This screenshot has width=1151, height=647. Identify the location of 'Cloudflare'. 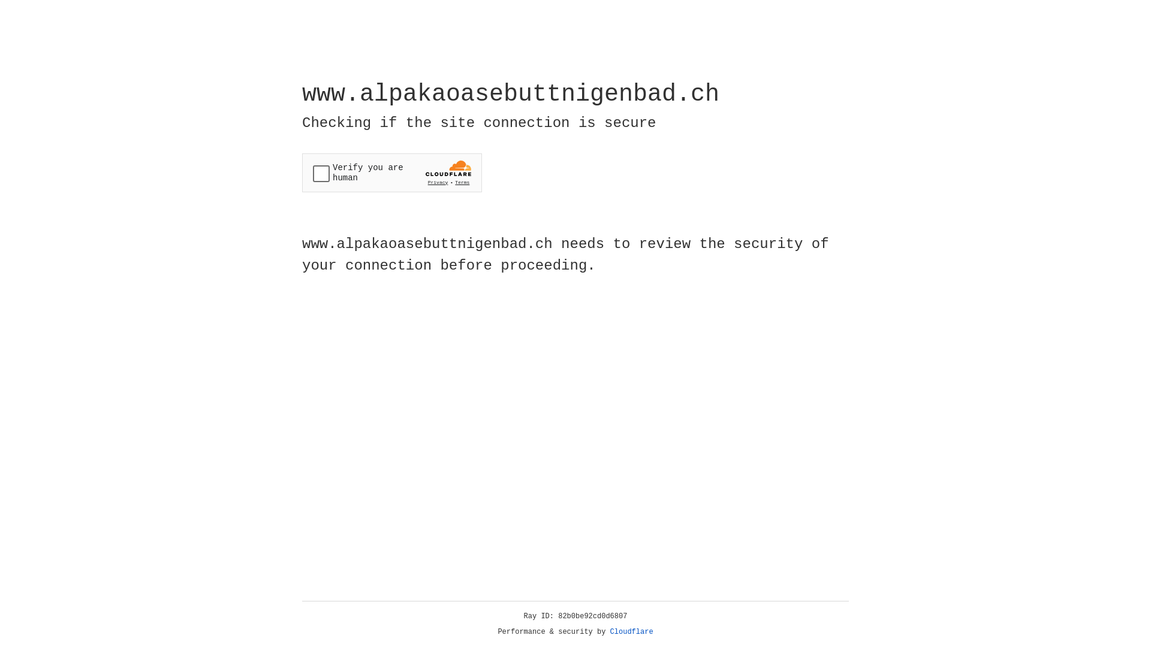
(610, 631).